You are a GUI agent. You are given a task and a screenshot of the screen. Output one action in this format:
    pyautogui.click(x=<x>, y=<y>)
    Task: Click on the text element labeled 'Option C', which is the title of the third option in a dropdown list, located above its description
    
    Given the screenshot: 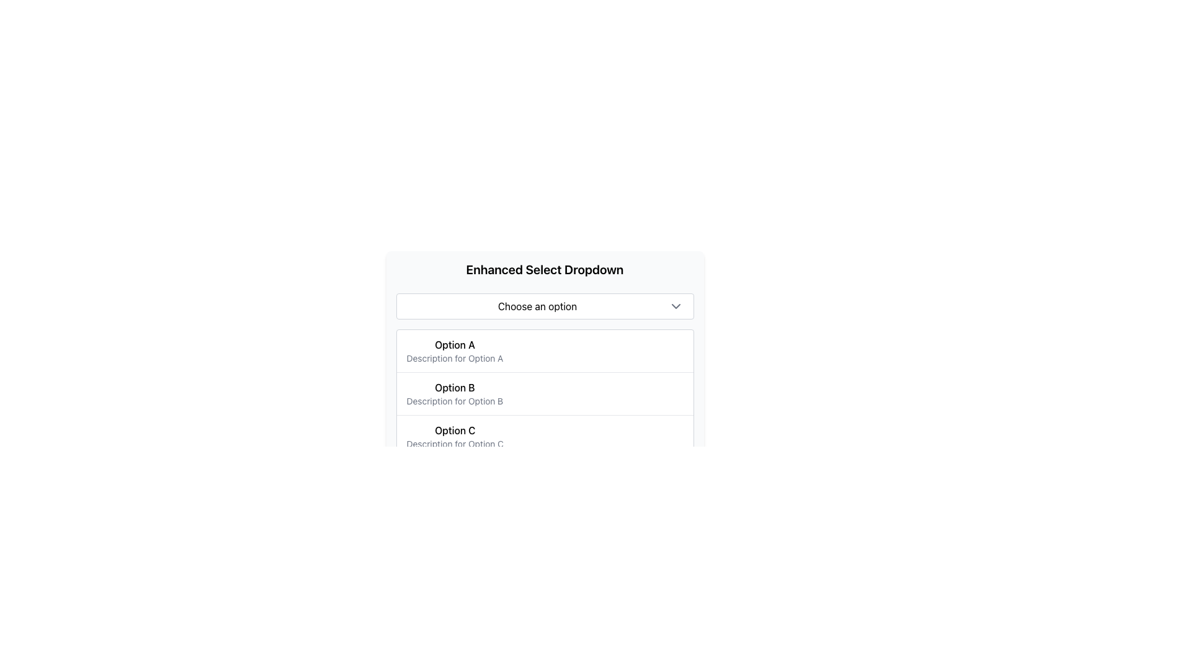 What is the action you would take?
    pyautogui.click(x=454, y=430)
    